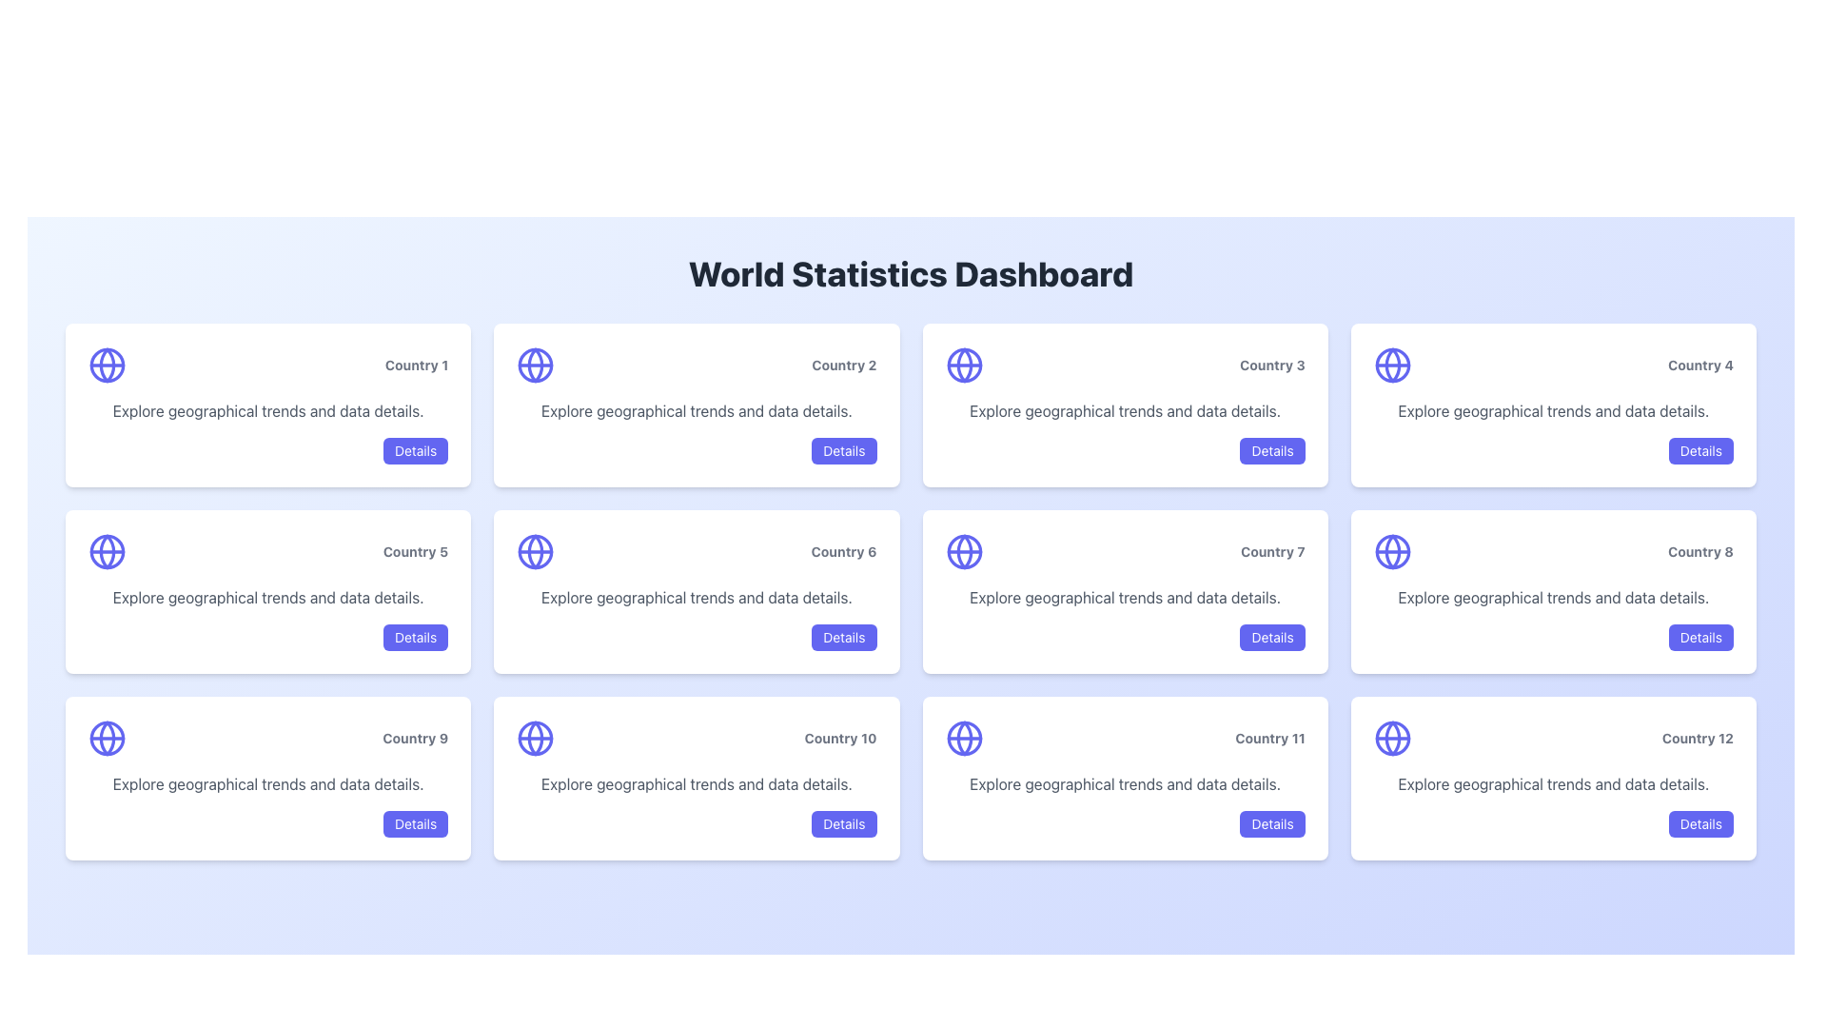 The width and height of the screenshot is (1827, 1028). What do you see at coordinates (267, 404) in the screenshot?
I see `text content of the Card component labeled 'Country 1' located in the top-left corner of the dashboard` at bounding box center [267, 404].